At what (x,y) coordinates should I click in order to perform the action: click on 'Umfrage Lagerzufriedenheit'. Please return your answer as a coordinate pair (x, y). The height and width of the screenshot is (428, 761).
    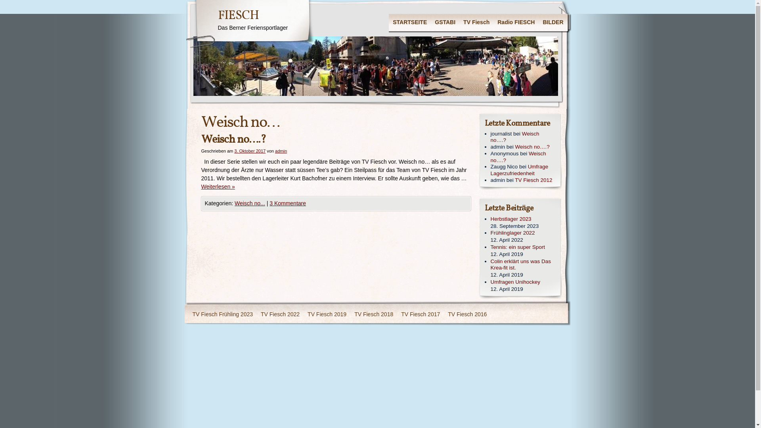
    Looking at the image, I should click on (519, 169).